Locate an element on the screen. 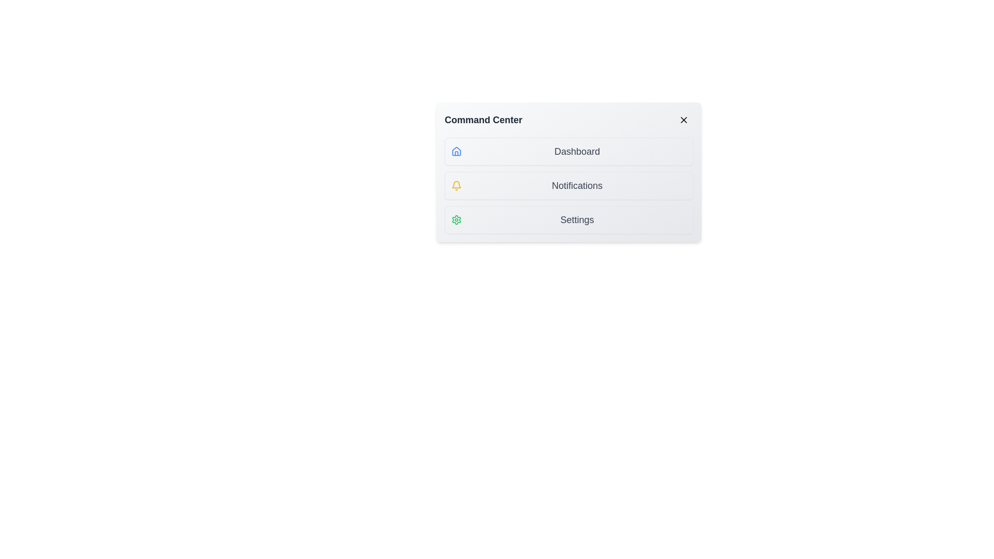 The width and height of the screenshot is (994, 559). the settings icon, which is a green gear symbol located adjacent to the 'Settings' text in the settings menu is located at coordinates (456, 219).